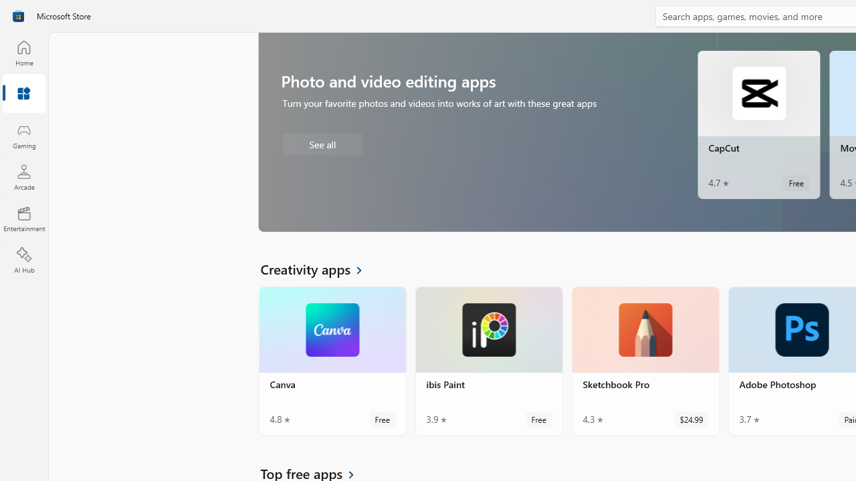 This screenshot has width=856, height=481. Describe the element at coordinates (758, 130) in the screenshot. I see `'CapCut. Average rating of 4.7 out of five stars. Free  '` at that location.